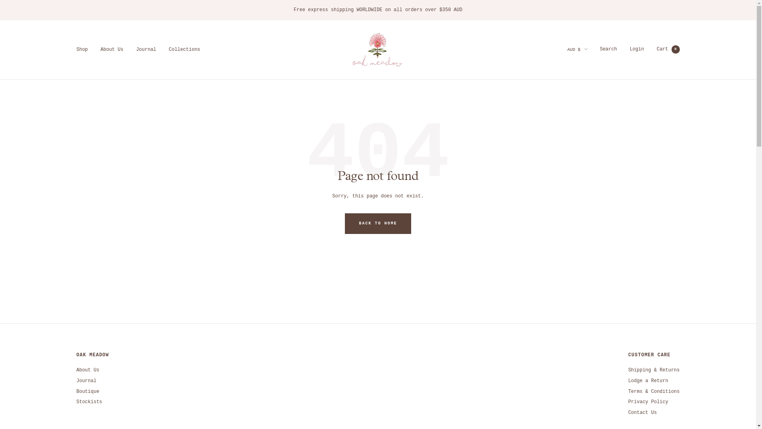 The width and height of the screenshot is (762, 429). What do you see at coordinates (87, 391) in the screenshot?
I see `'Boutique'` at bounding box center [87, 391].